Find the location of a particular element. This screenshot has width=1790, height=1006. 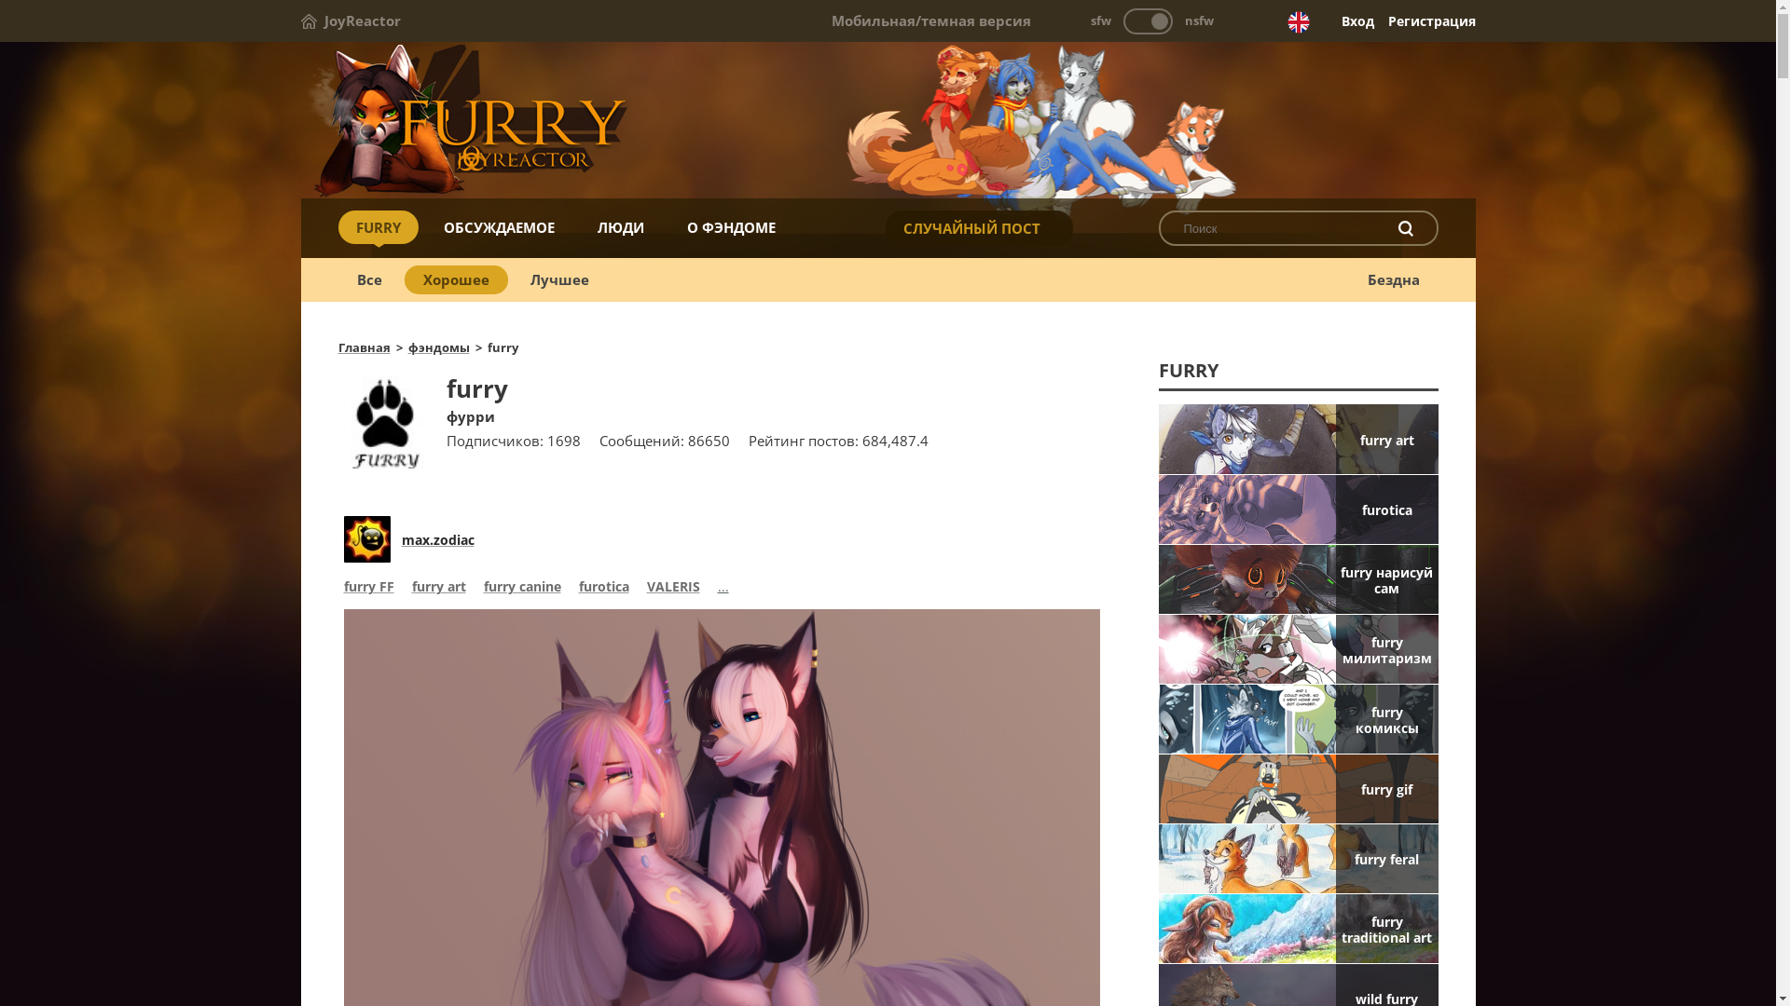

'VALERIS' is located at coordinates (672, 589).